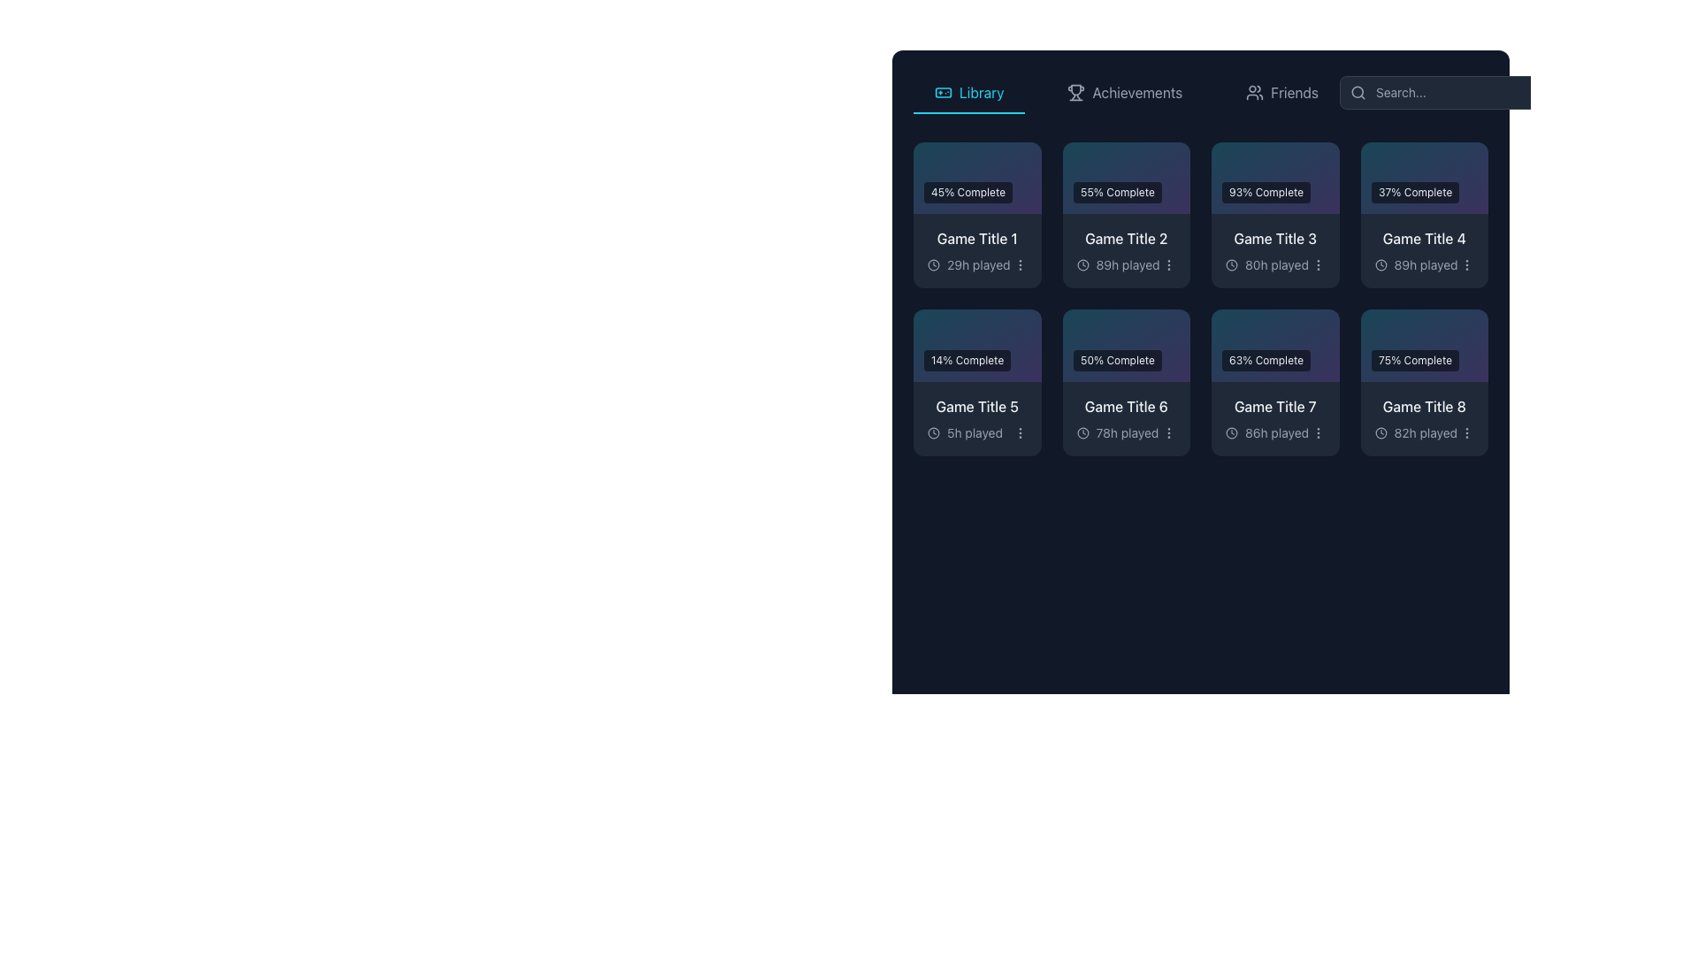 This screenshot has width=1698, height=955. I want to click on the Progress indicator card located in the top-right corner of the grid layout, which shows '37% Complete', so click(1424, 178).